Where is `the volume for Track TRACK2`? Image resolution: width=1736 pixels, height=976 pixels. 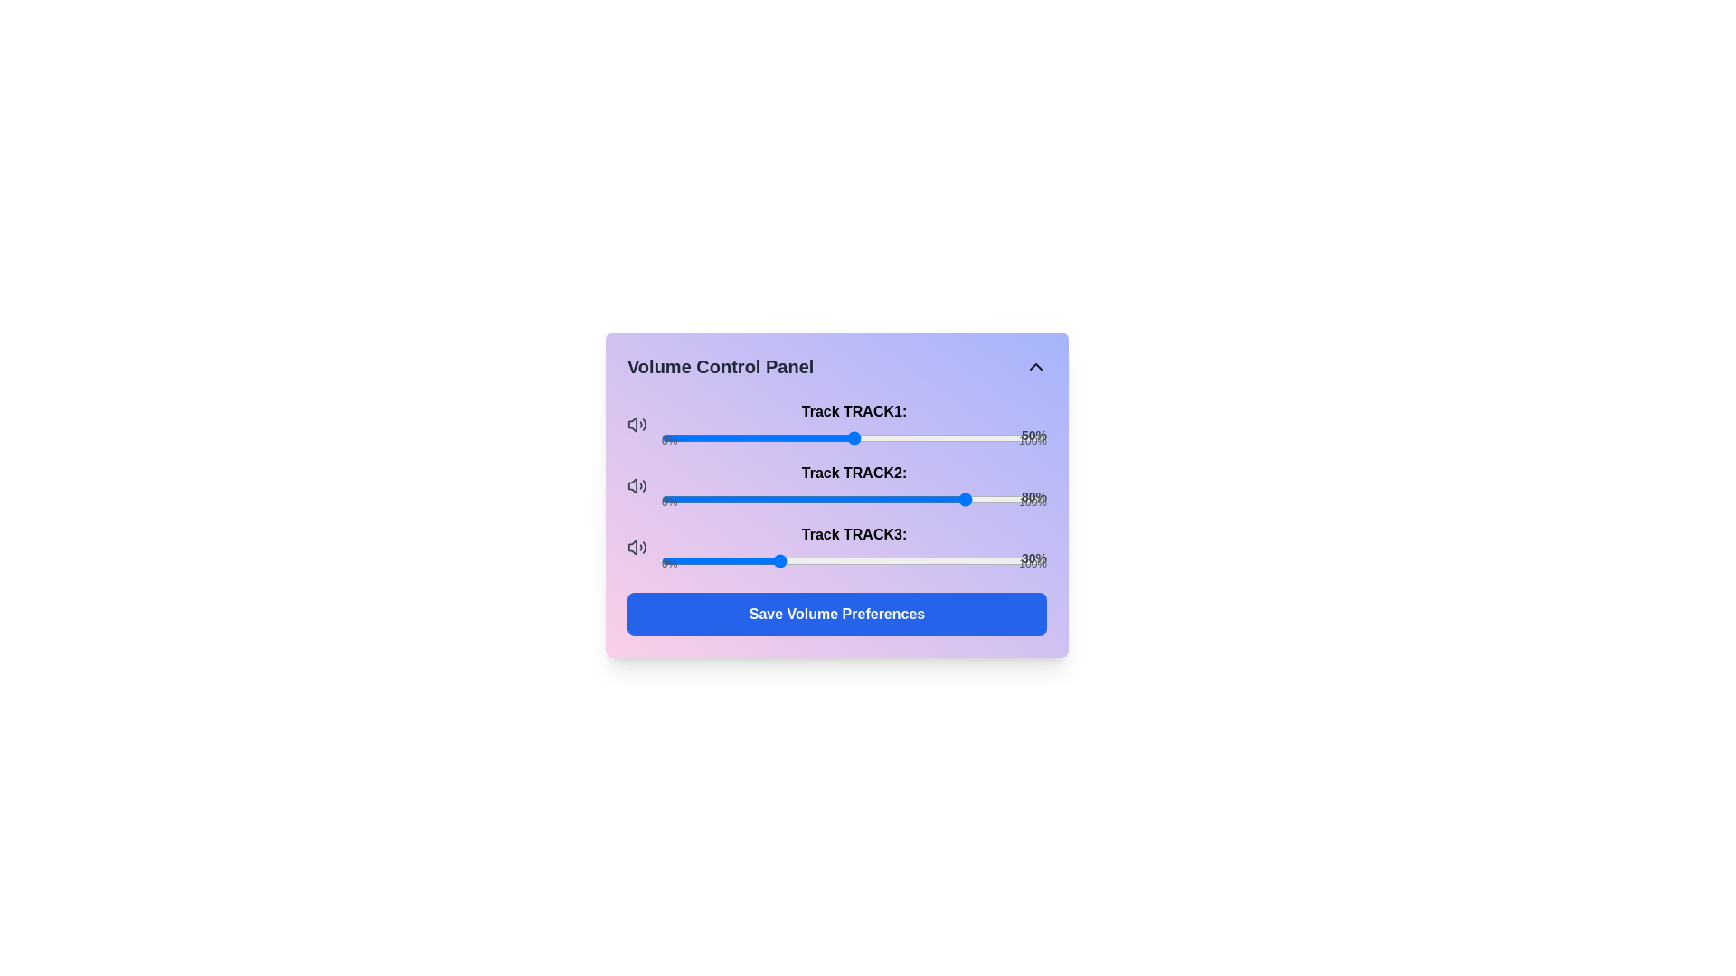 the volume for Track TRACK2 is located at coordinates (968, 499).